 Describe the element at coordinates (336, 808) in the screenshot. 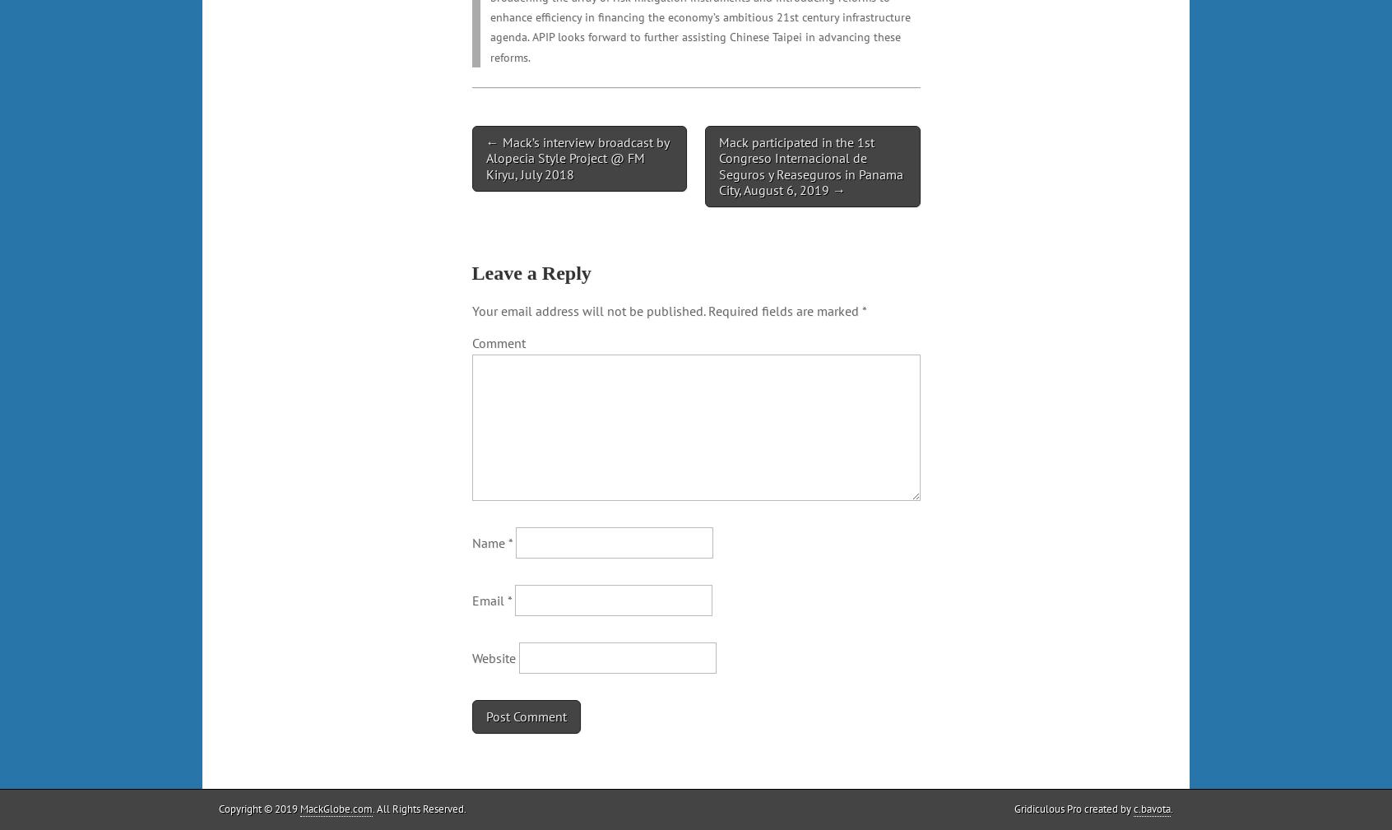

I see `'MackGlobe.com'` at that location.